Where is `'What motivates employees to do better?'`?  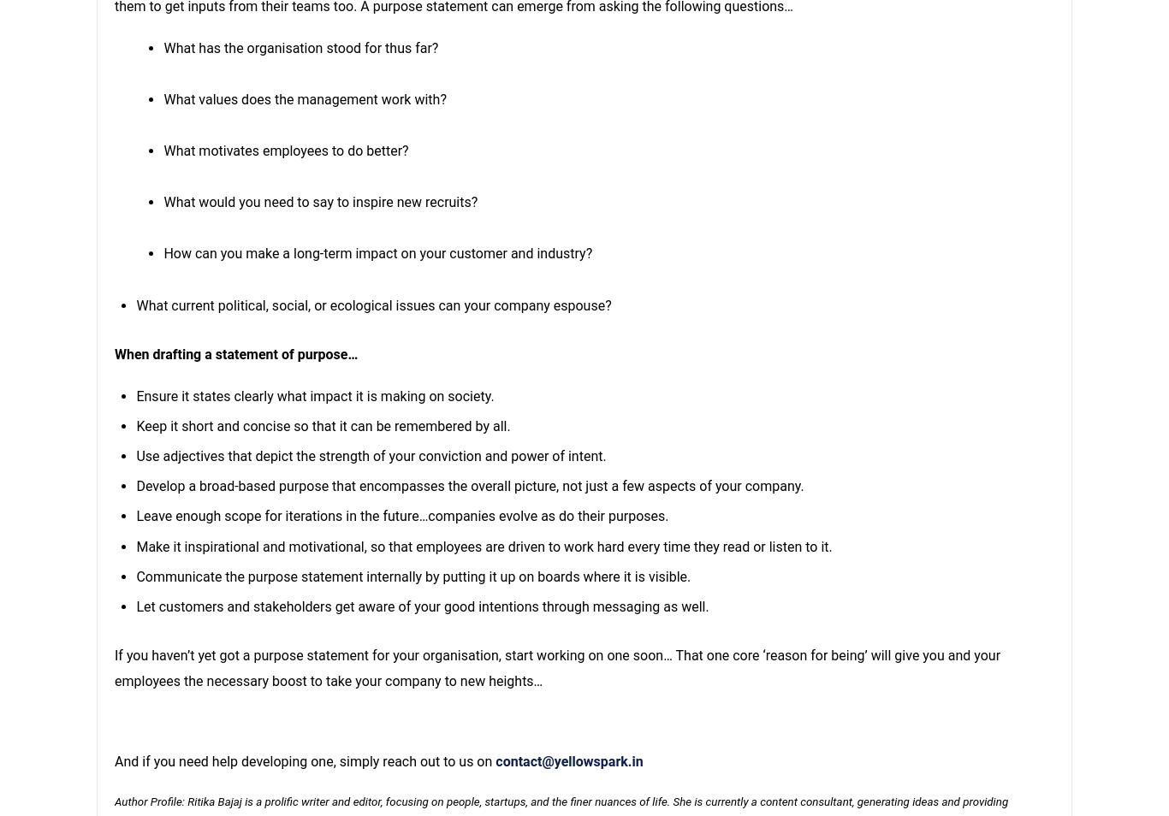 'What motivates employees to do better?' is located at coordinates (285, 149).